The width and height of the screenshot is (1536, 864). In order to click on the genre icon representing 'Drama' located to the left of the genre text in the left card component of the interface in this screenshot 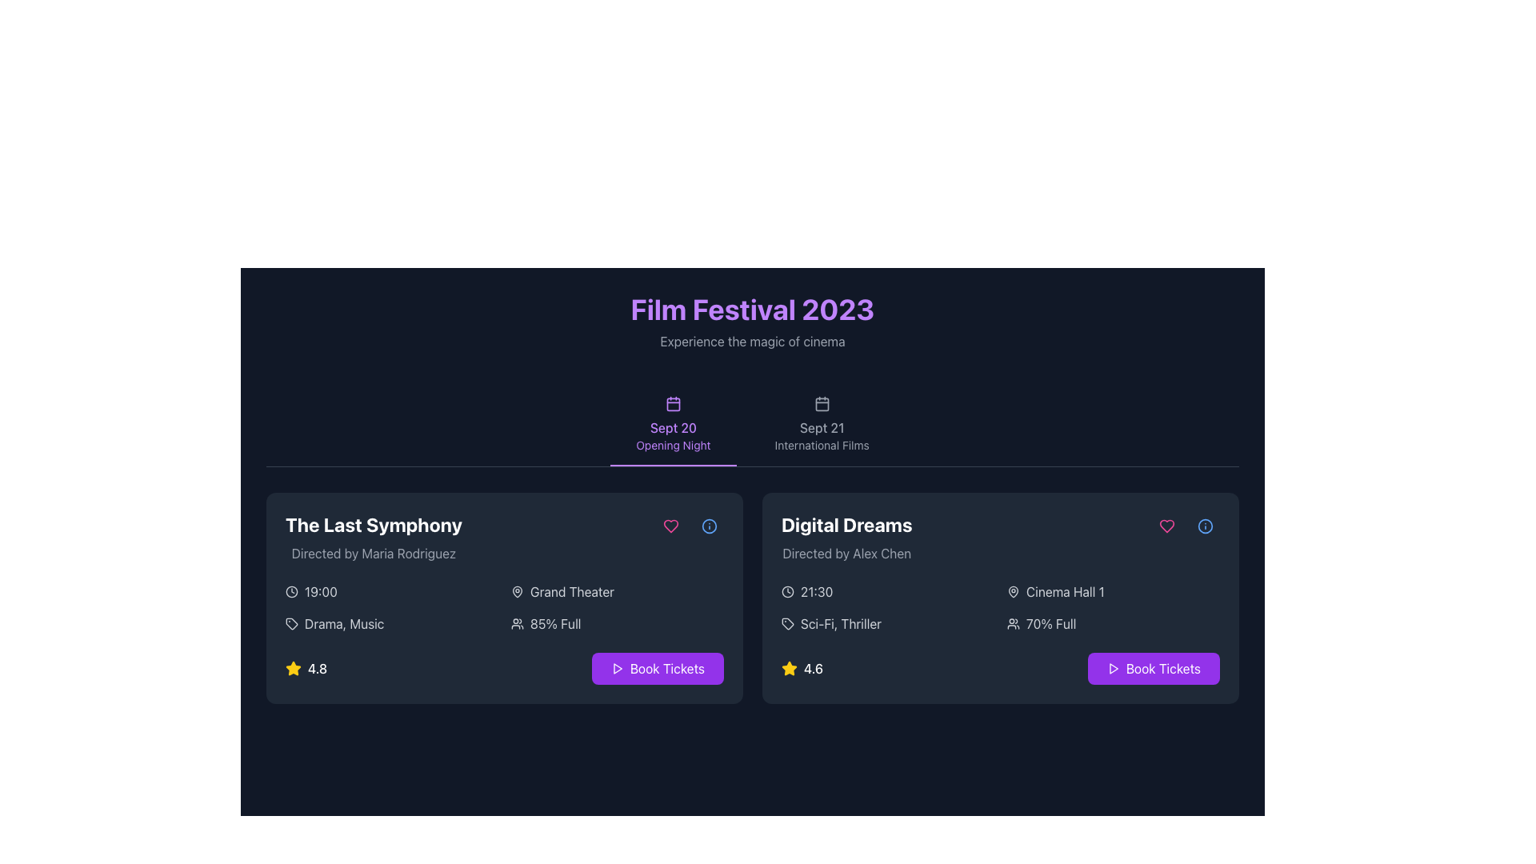, I will do `click(291, 622)`.